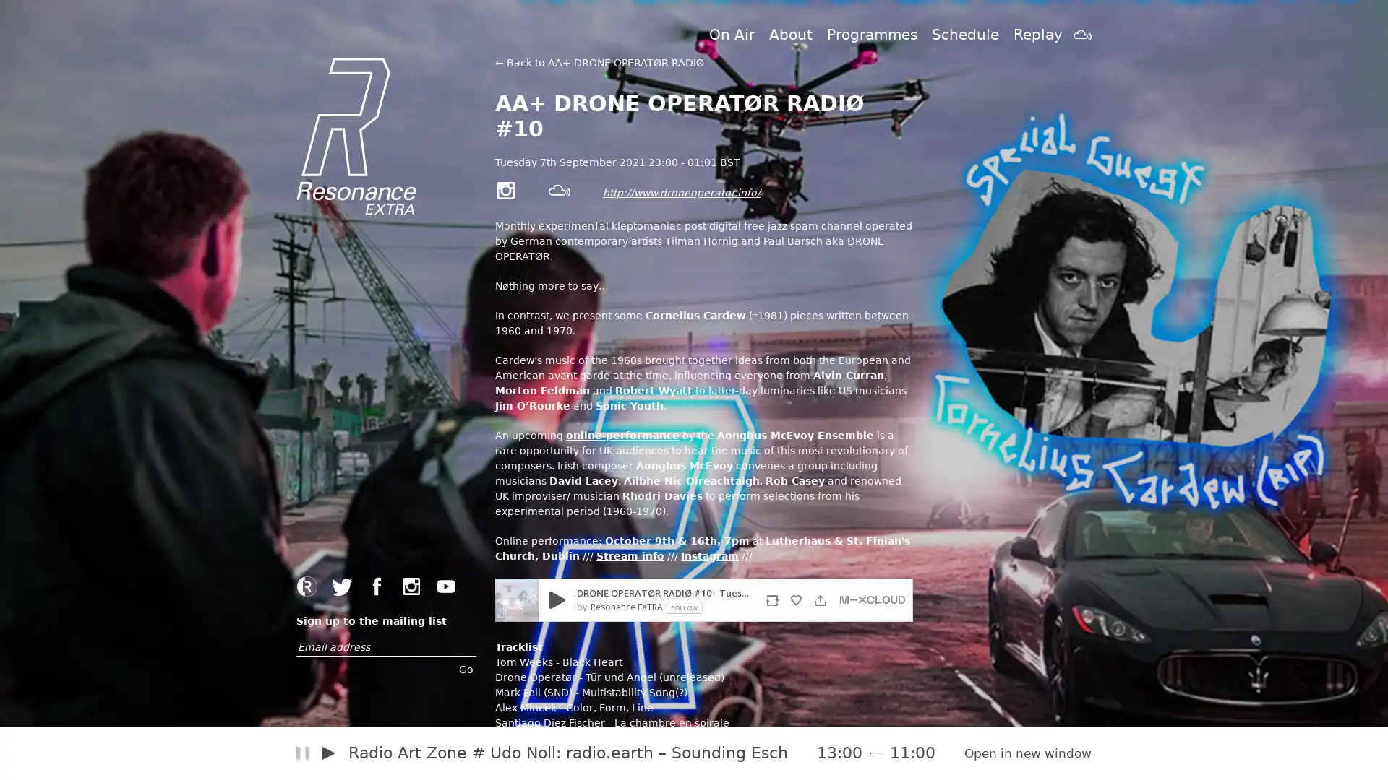  Describe the element at coordinates (466, 665) in the screenshot. I see `Go` at that location.